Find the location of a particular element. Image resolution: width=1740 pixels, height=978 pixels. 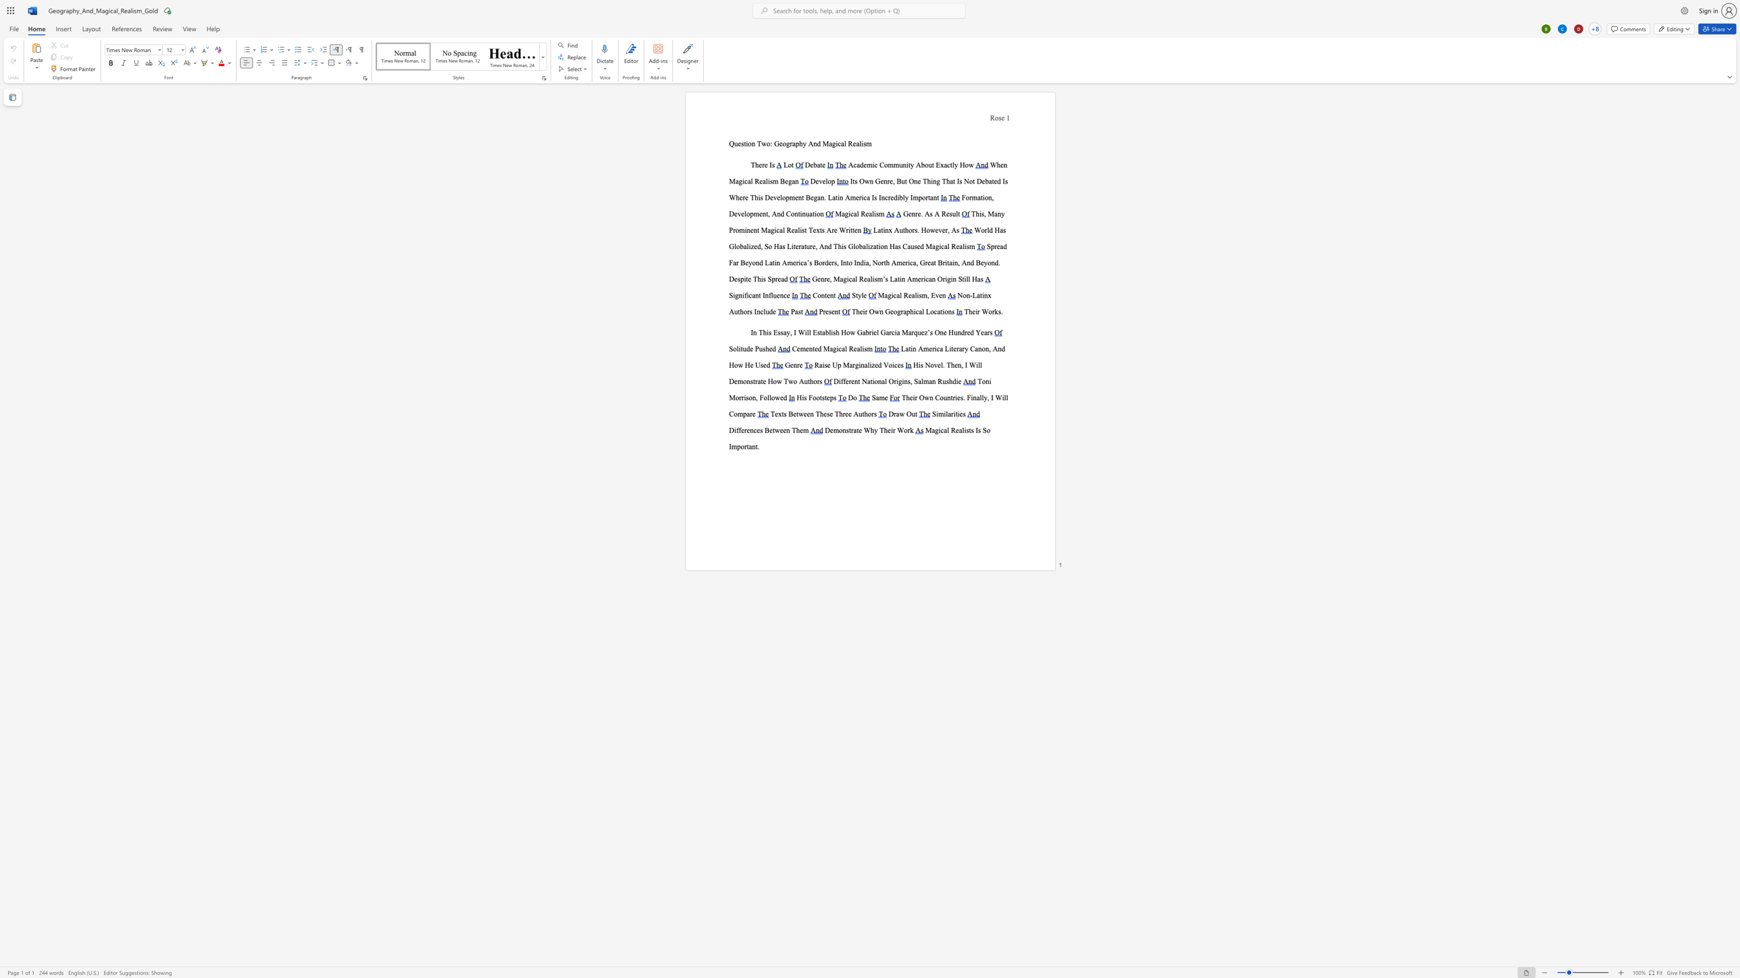

the space between the continuous character "s" and "u" in the text is located at coordinates (952, 213).